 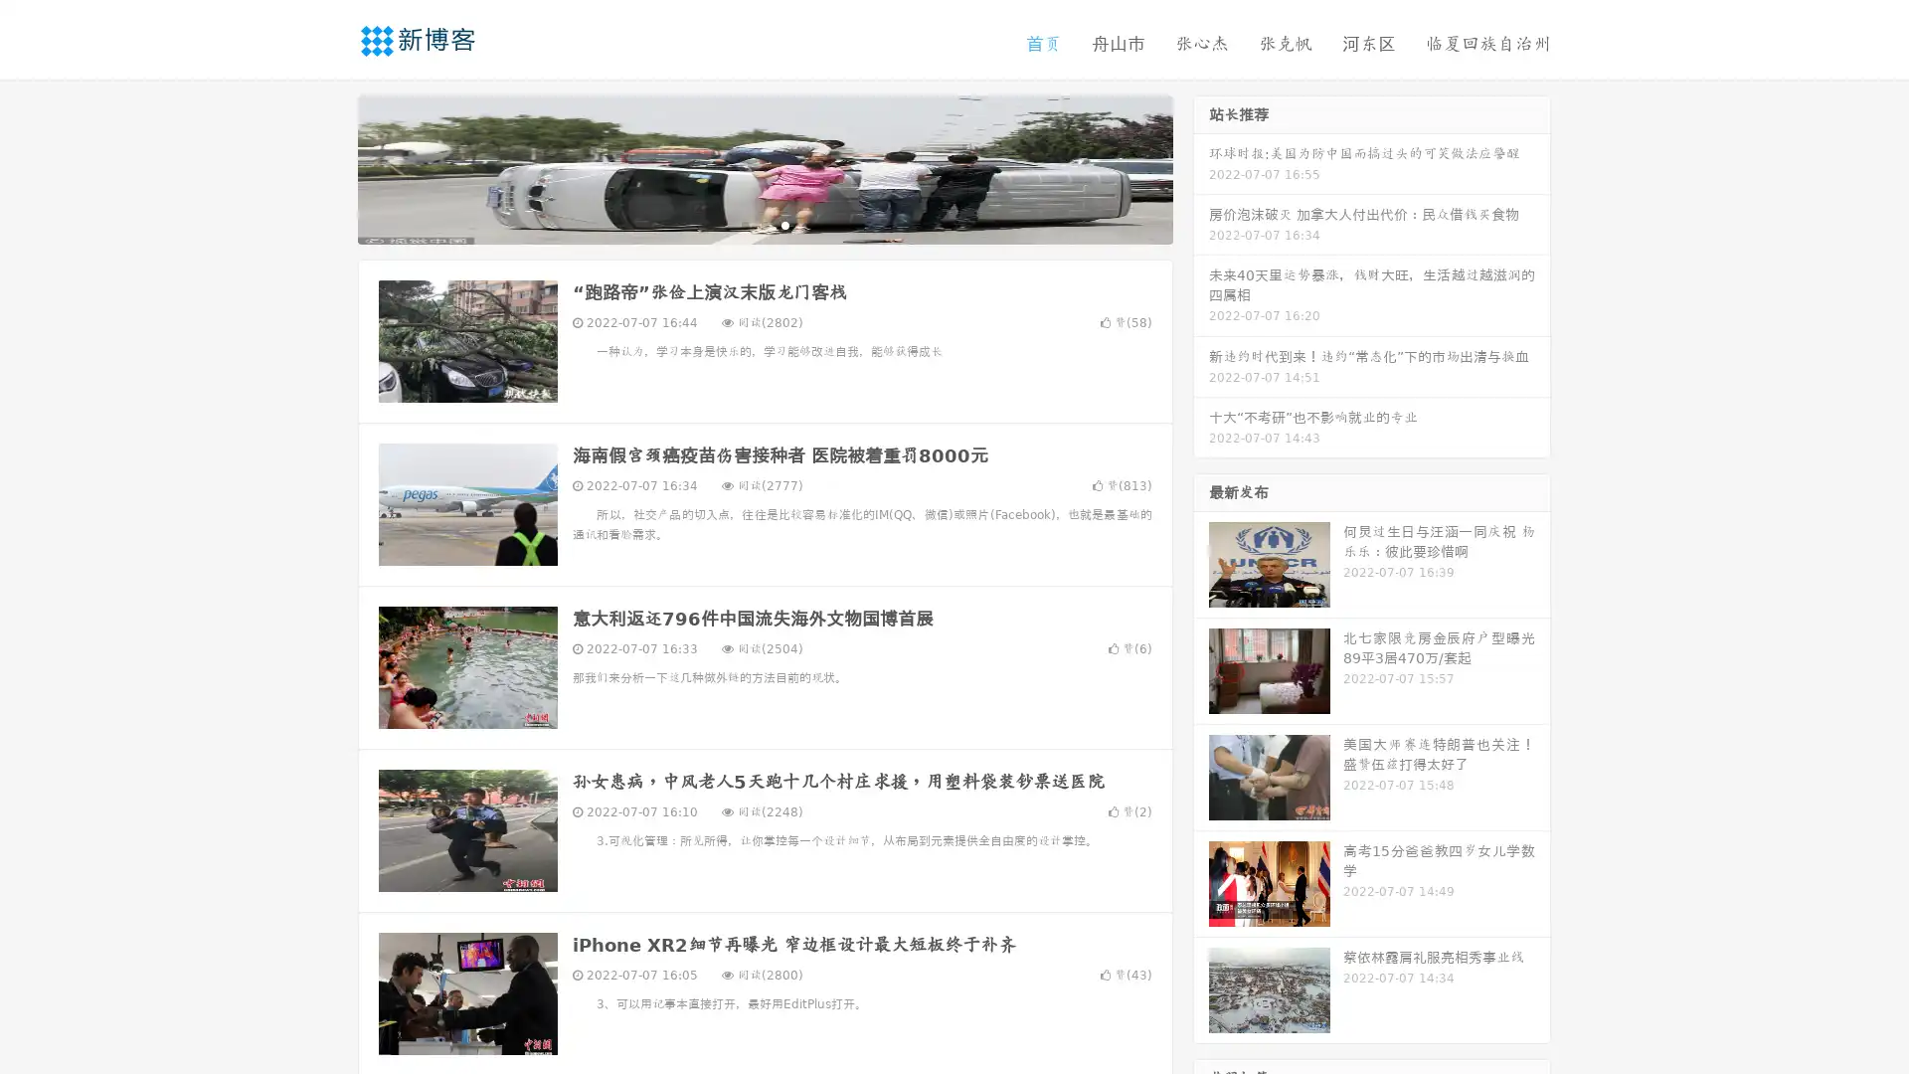 What do you see at coordinates (1201, 167) in the screenshot?
I see `Next slide` at bounding box center [1201, 167].